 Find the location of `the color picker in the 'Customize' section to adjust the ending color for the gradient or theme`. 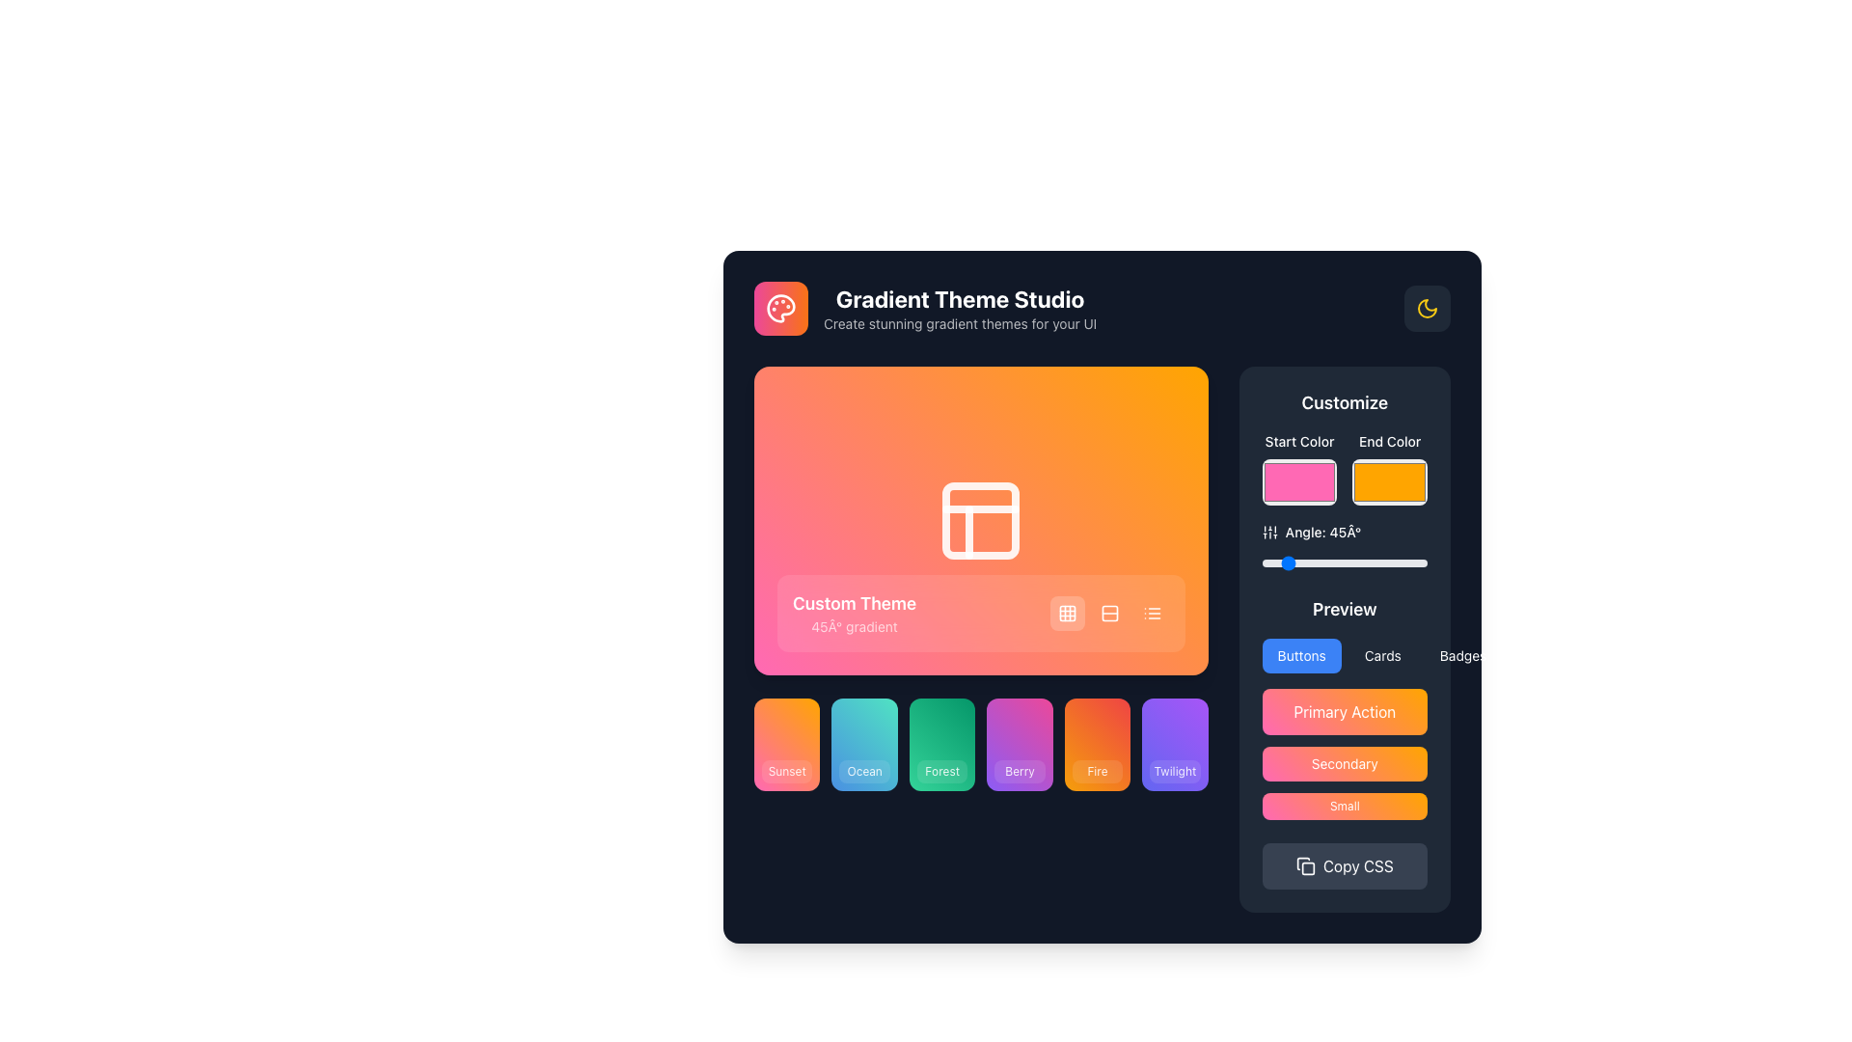

the color picker in the 'Customize' section to adjust the ending color for the gradient or theme is located at coordinates (1390, 469).